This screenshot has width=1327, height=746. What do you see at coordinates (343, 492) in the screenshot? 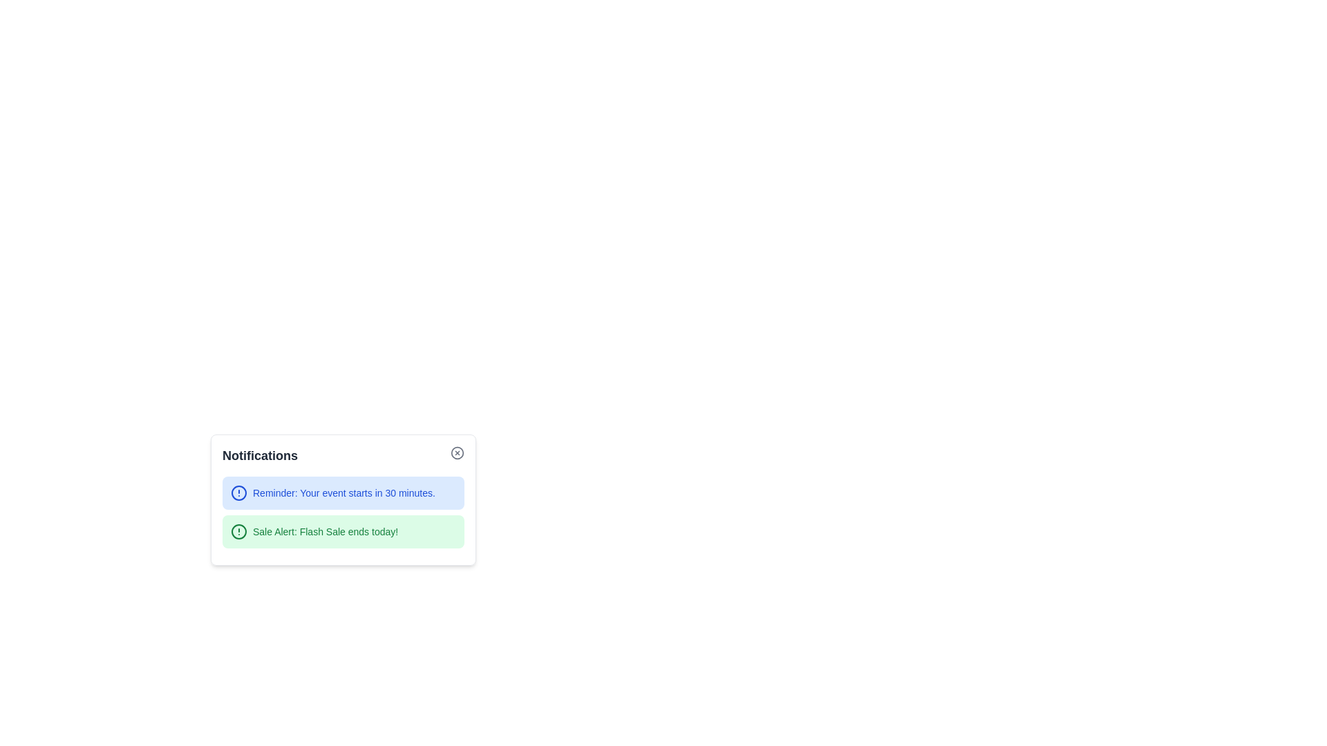
I see `the first notification in the Notification Box that conveys a reminder about an event scheduled to begin soon` at bounding box center [343, 492].